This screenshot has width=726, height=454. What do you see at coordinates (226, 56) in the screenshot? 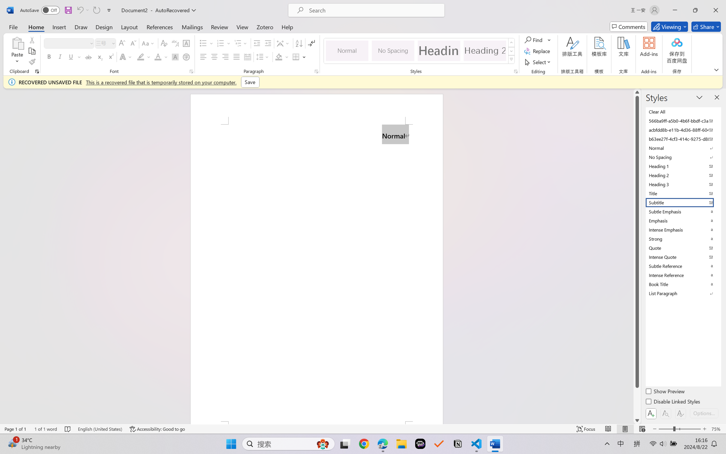
I see `'Align Right'` at bounding box center [226, 56].